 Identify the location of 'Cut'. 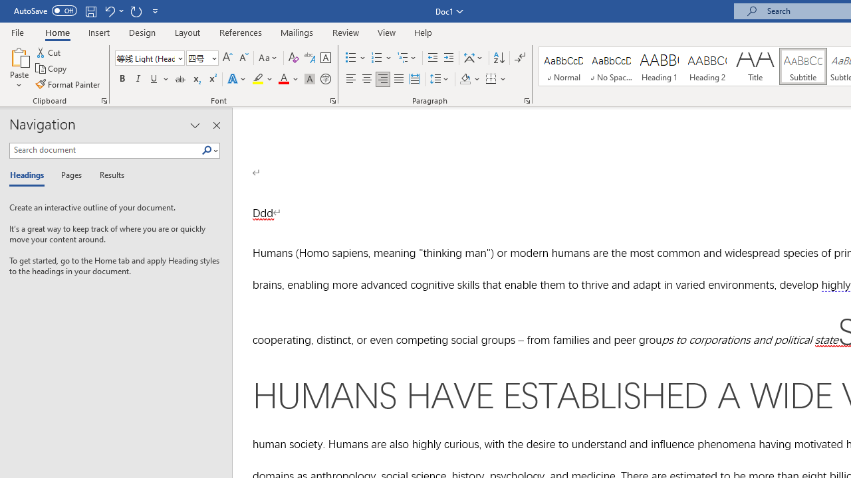
(49, 52).